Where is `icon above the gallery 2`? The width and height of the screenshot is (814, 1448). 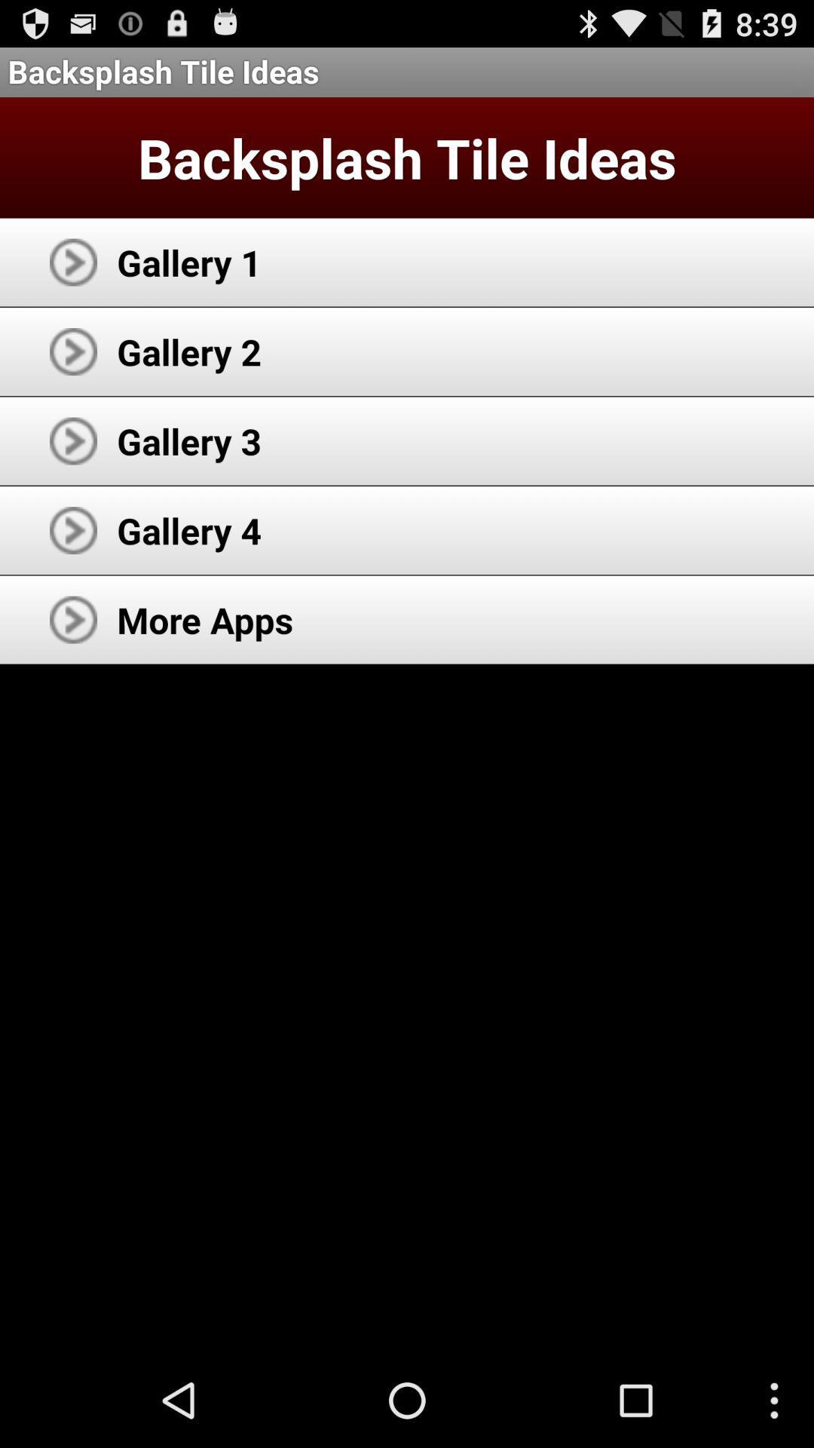 icon above the gallery 2 is located at coordinates (188, 262).